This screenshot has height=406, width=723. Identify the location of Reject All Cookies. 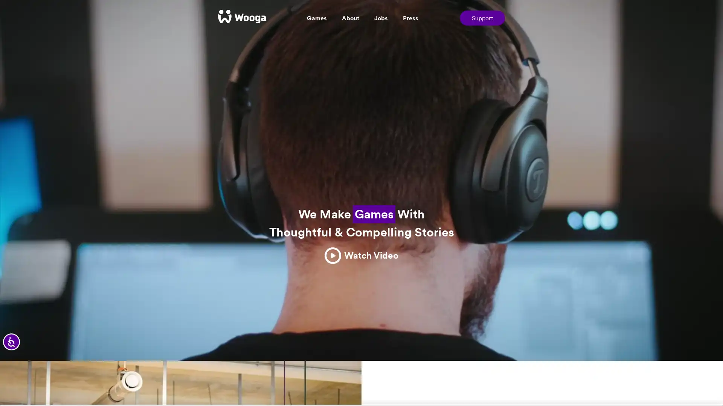
(551, 386).